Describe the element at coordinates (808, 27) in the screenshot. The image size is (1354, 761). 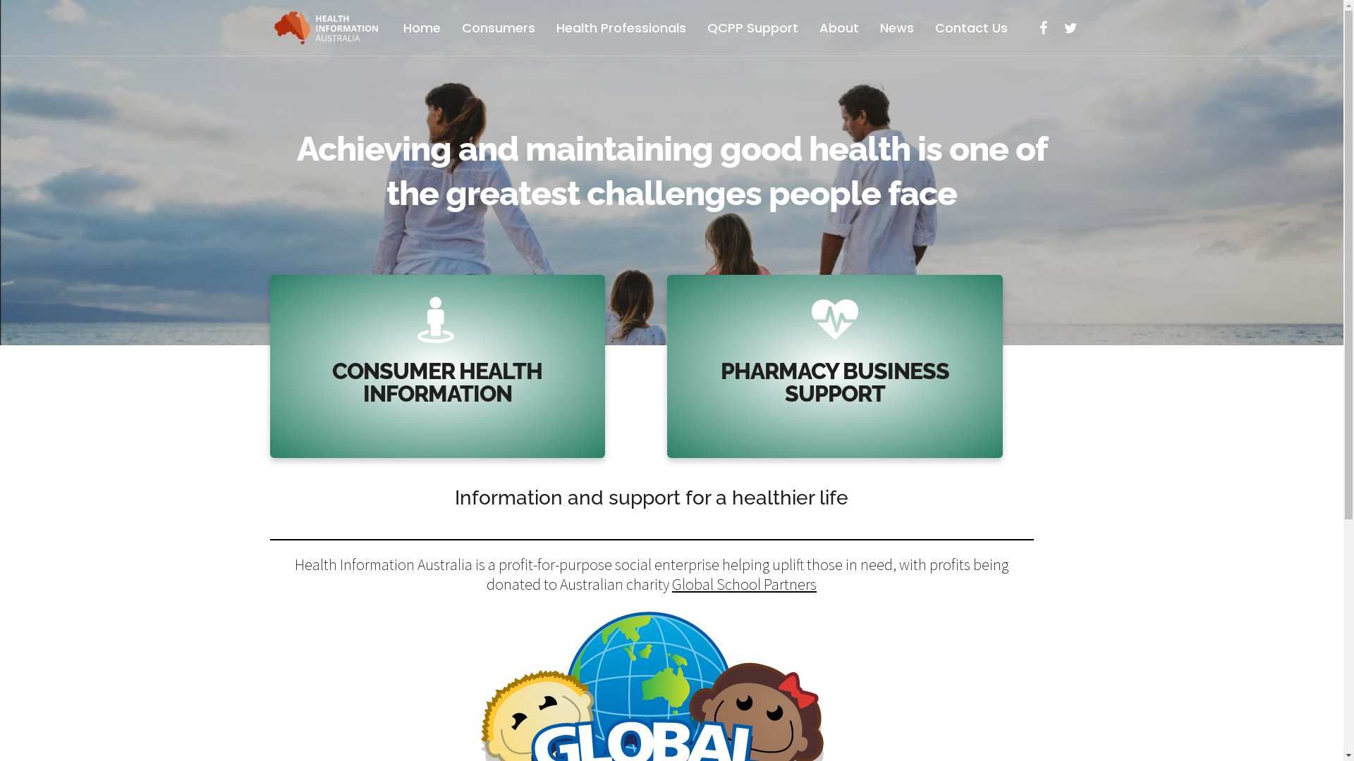
I see `'About'` at that location.